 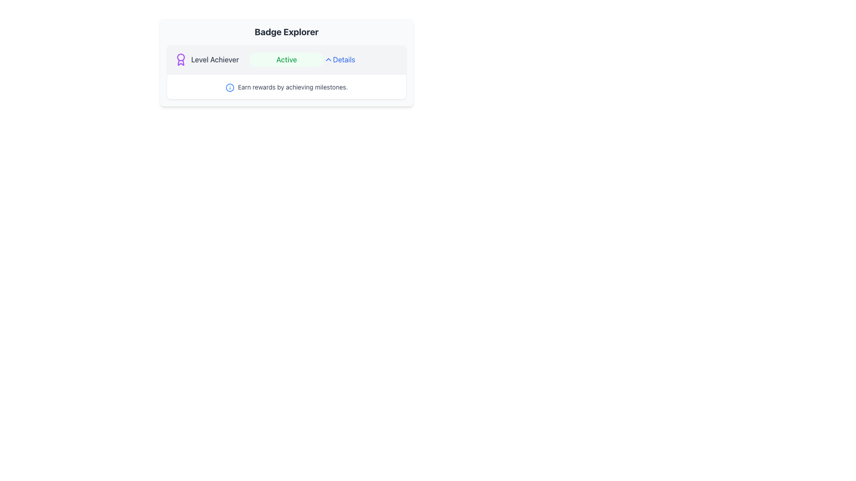 I want to click on informational text located at the bottom of the 'Badge Explorer' card, centered horizontally and positioned below the headings 'Level Achiever,' 'Active,' and 'Details.', so click(x=287, y=86).